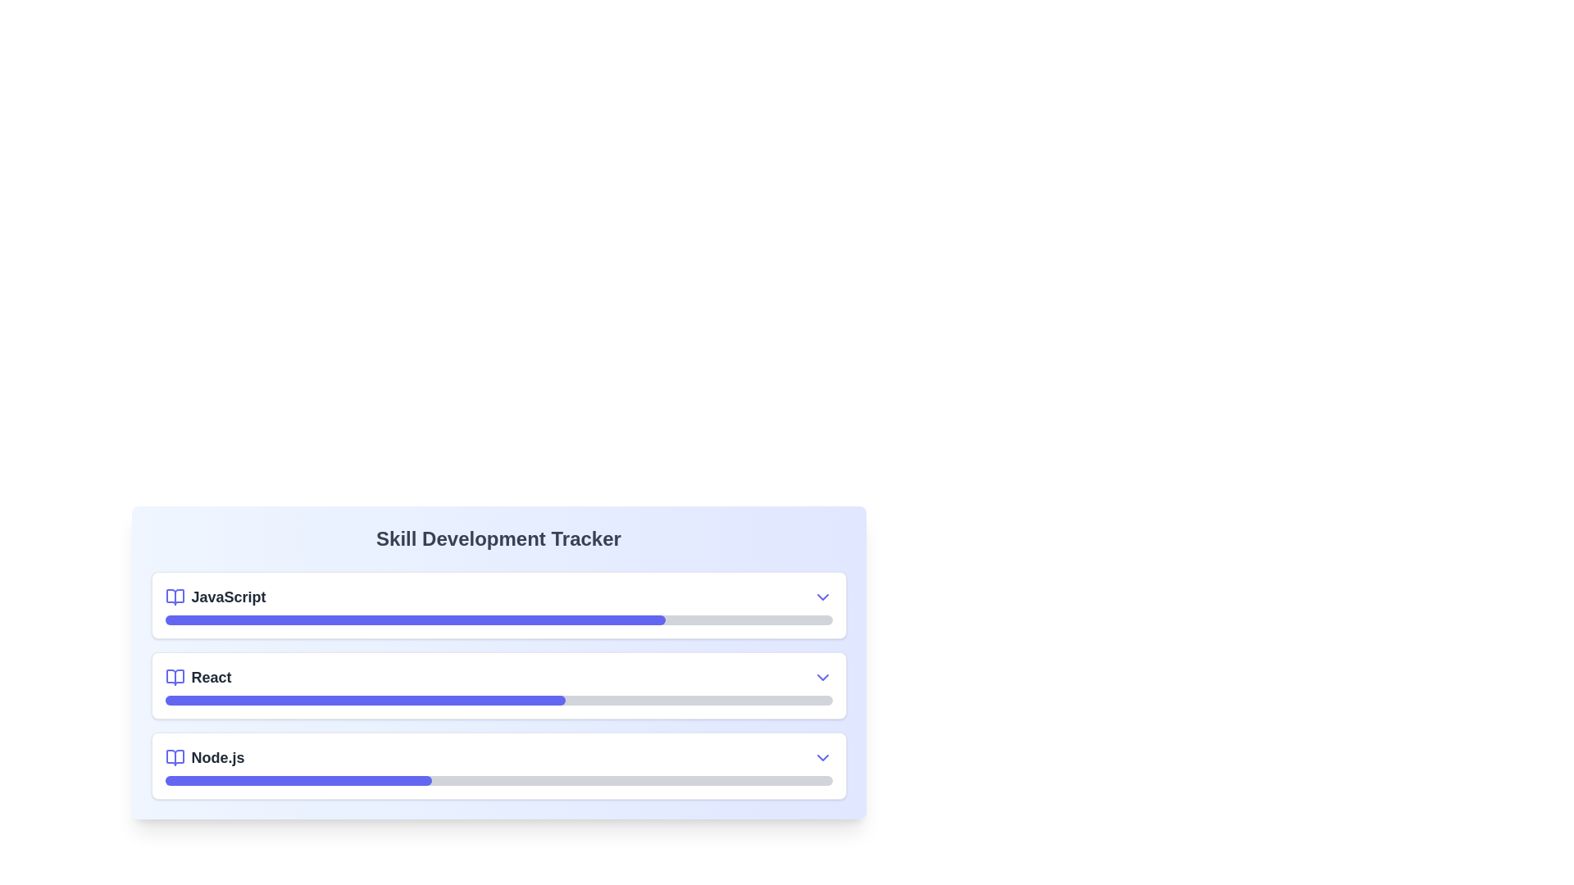  I want to click on the middle row of the Progress bar labeled 'React' in the 'Skill Development Tracker' card, which includes a dropdown trigger, so click(498, 686).